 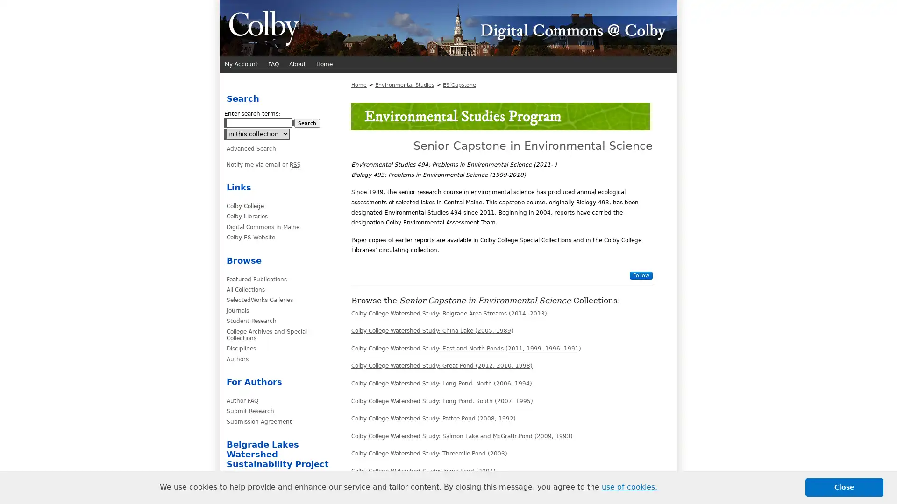 I want to click on dismiss cookie message, so click(x=844, y=487).